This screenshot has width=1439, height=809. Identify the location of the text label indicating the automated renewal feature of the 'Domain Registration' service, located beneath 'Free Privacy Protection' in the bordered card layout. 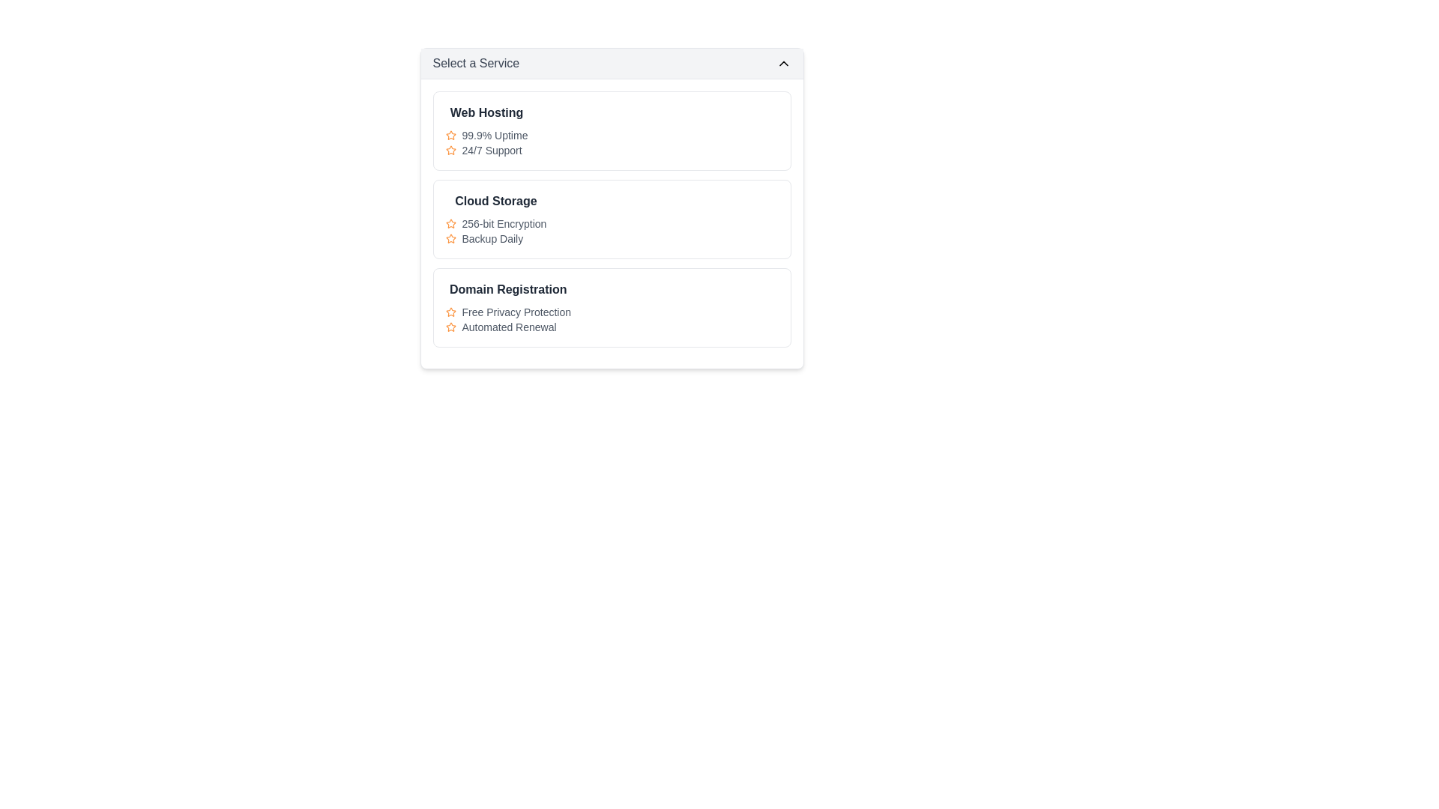
(508, 326).